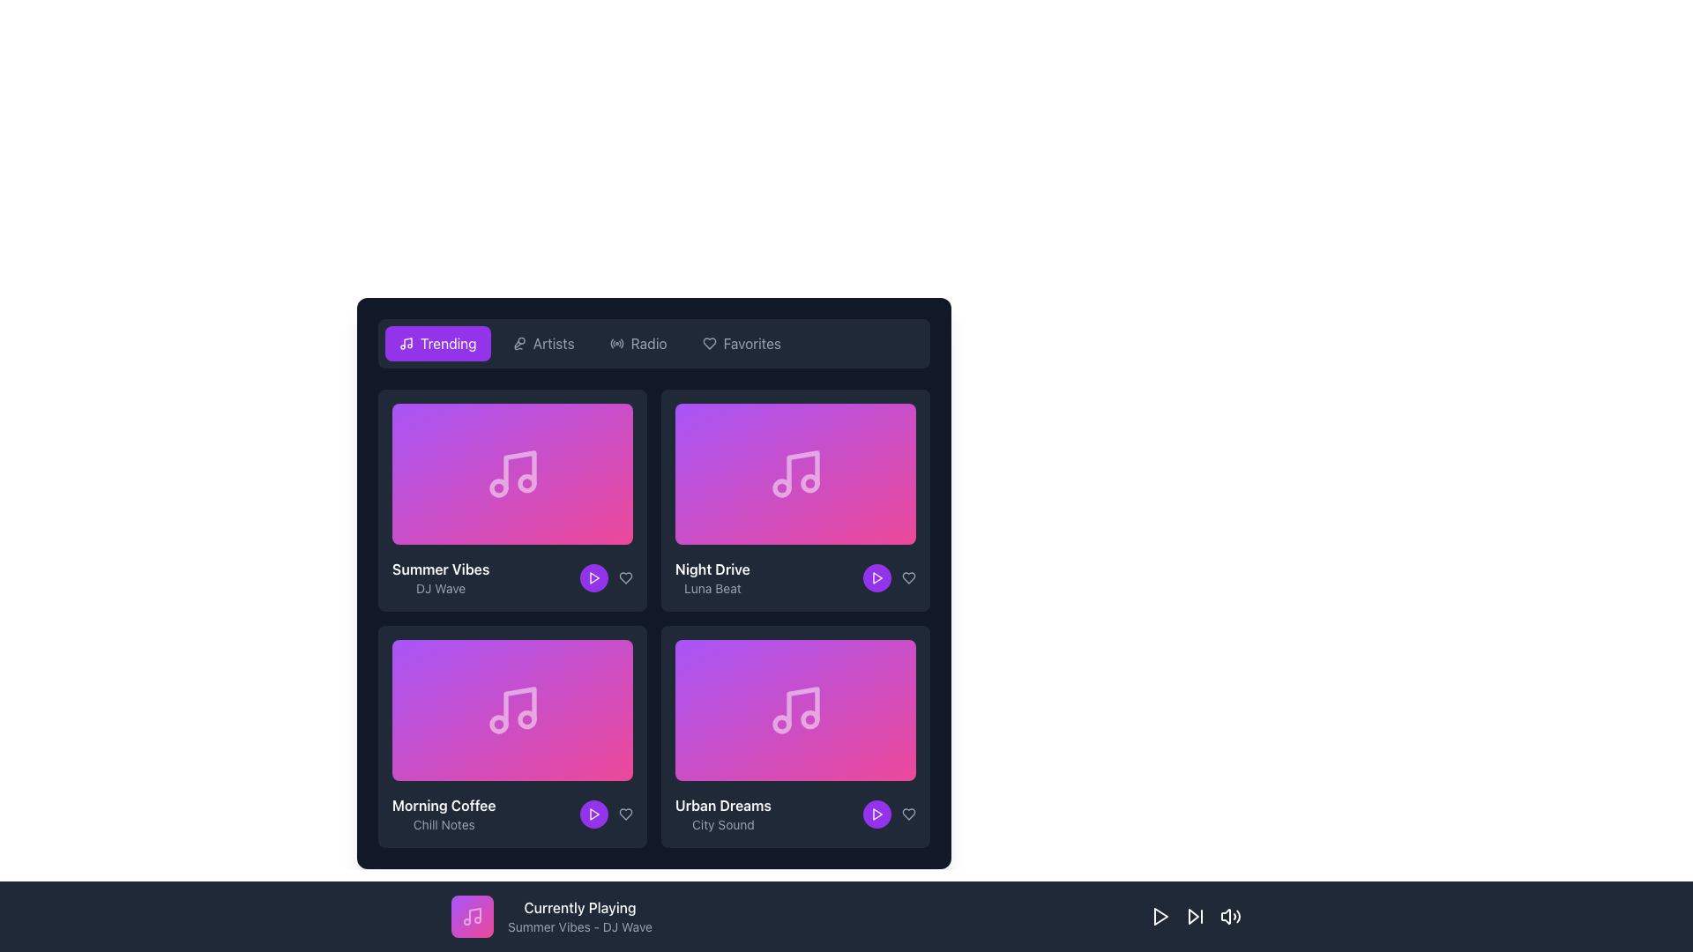 The width and height of the screenshot is (1693, 952). I want to click on the fourth card in the grid layout, which has a gradient background from purple to pink and features a large white musical note icon, so click(794, 710).